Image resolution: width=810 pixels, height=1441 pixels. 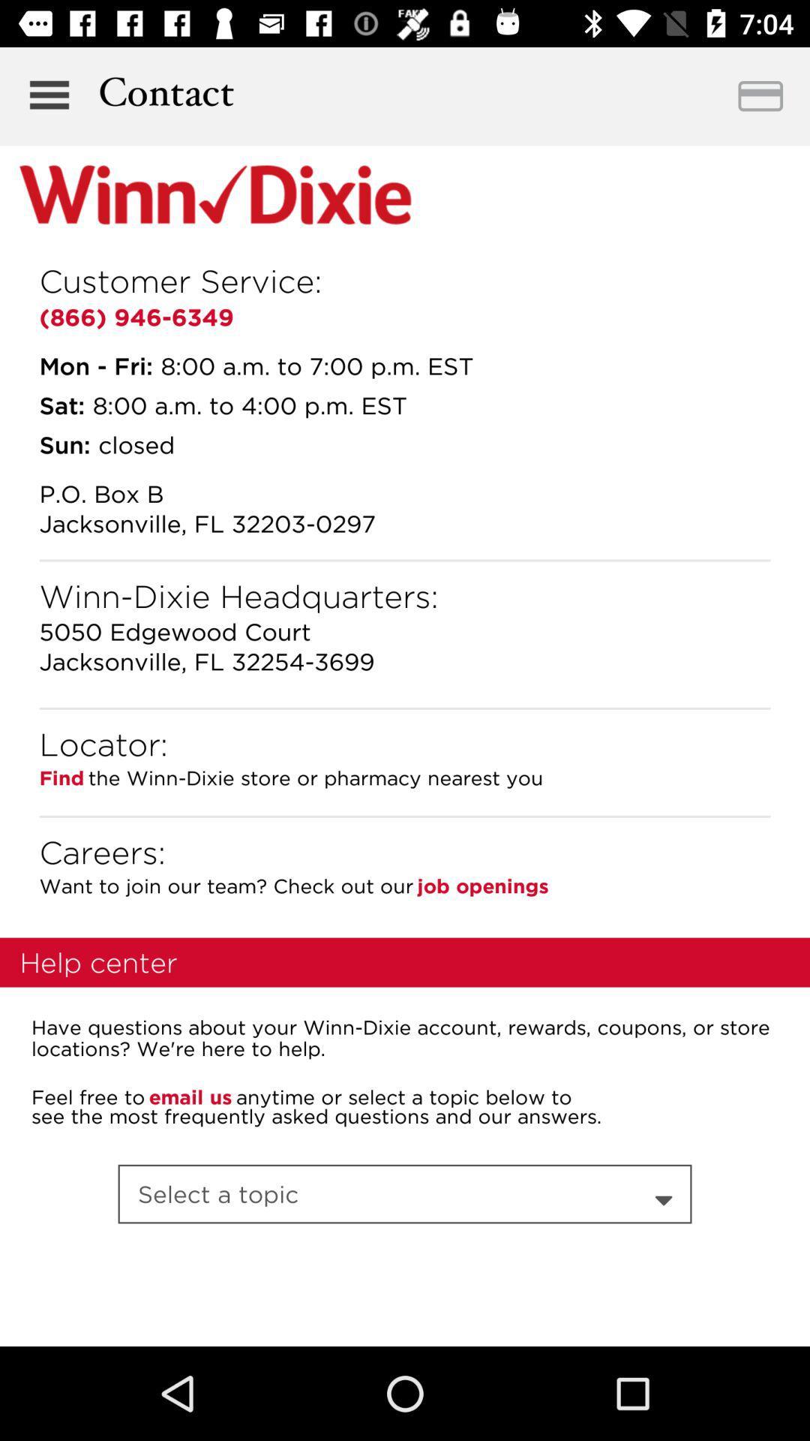 I want to click on the item above the p o box icon, so click(x=64, y=444).